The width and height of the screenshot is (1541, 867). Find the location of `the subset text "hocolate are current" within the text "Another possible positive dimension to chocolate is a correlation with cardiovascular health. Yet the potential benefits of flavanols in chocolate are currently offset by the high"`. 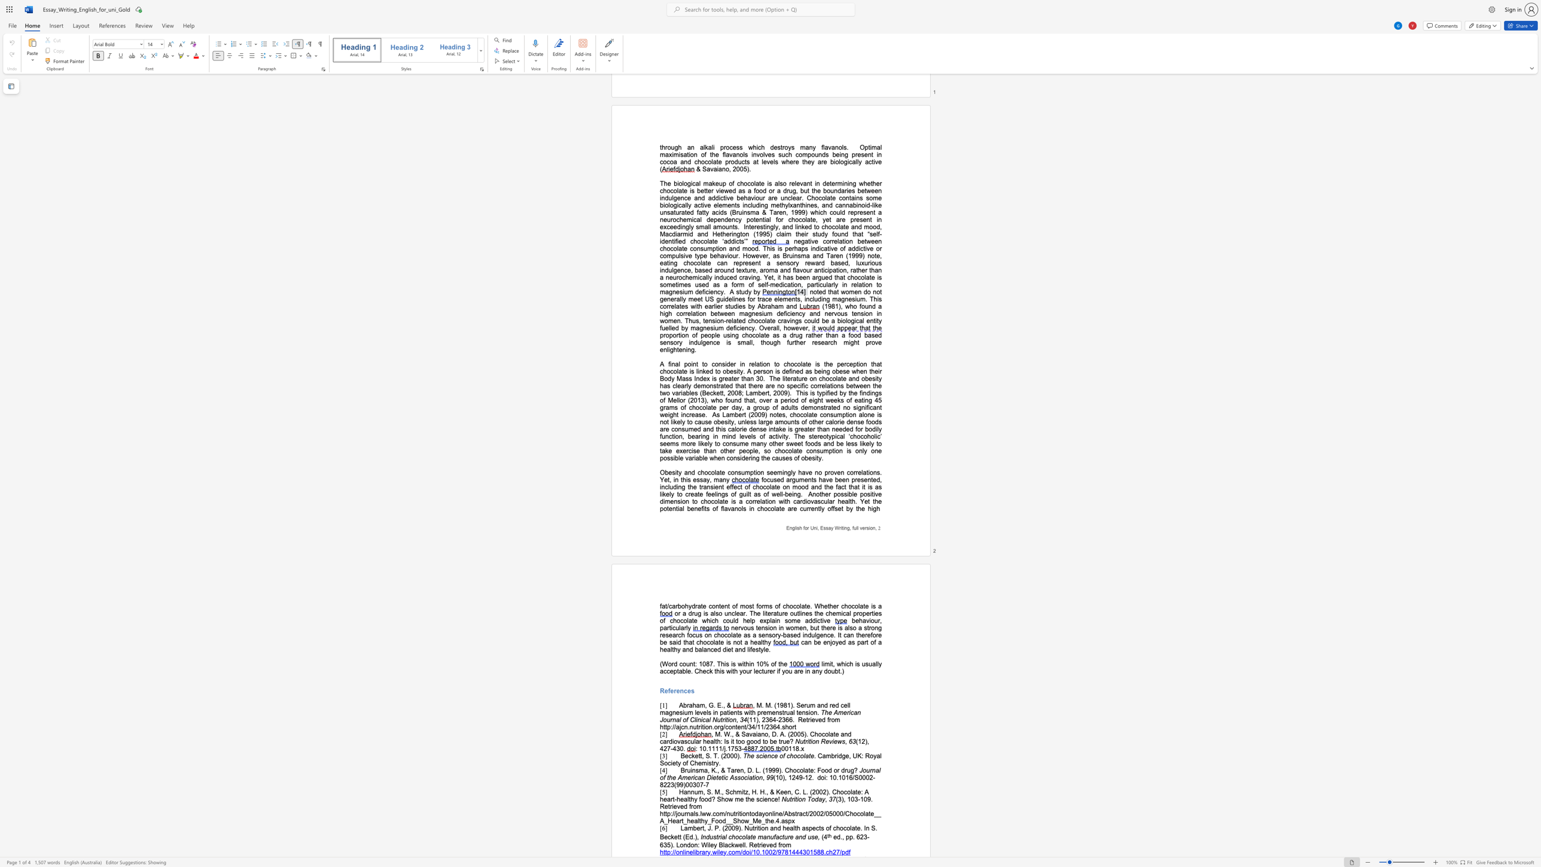

the subset text "hocolate are current" within the text "Another possible positive dimension to chocolate is a correlation with cardiovascular health. Yet the potential benefits of flavanols in chocolate are currently offset by the high" is located at coordinates (760, 509).